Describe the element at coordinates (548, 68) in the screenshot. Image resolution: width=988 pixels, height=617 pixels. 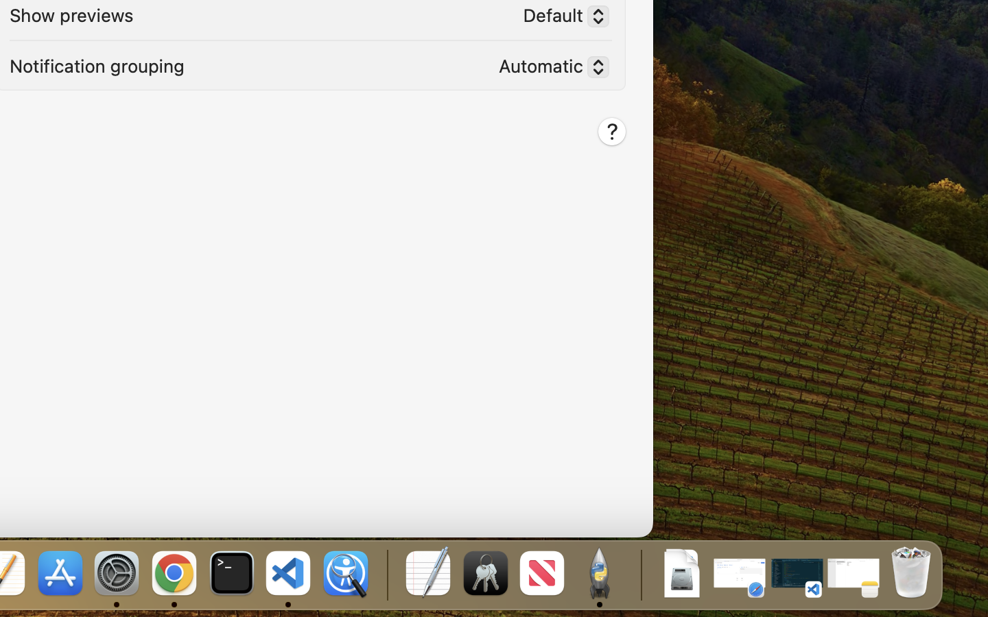
I see `'Automatic'` at that location.